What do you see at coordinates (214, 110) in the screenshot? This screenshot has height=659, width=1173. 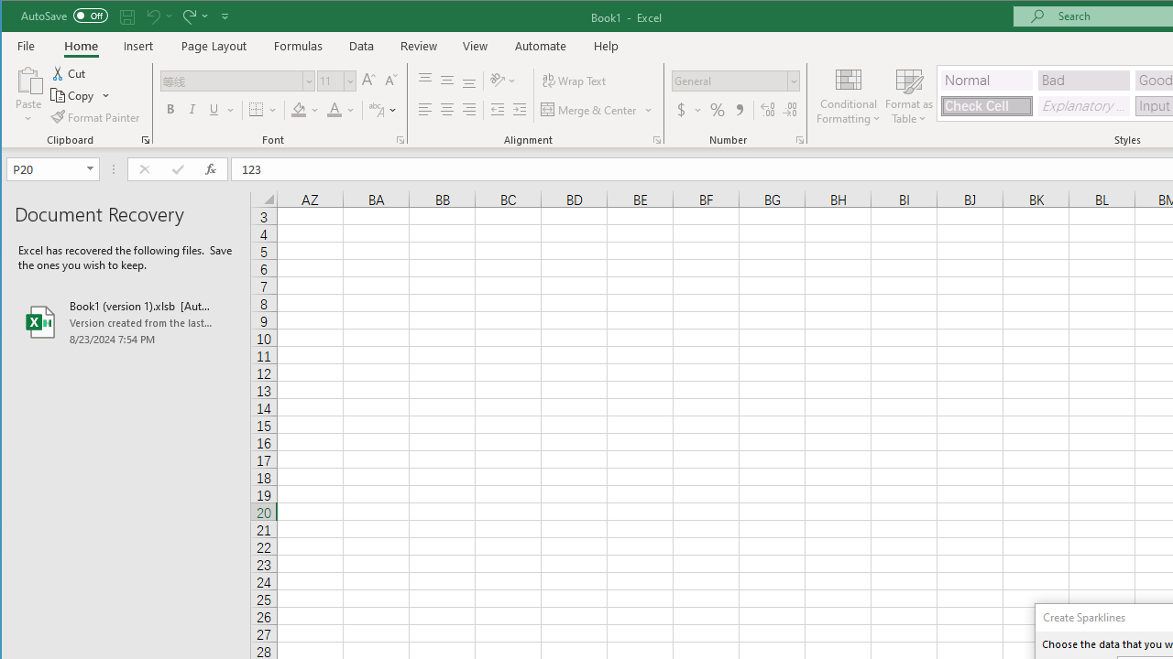 I see `'Underline'` at bounding box center [214, 110].